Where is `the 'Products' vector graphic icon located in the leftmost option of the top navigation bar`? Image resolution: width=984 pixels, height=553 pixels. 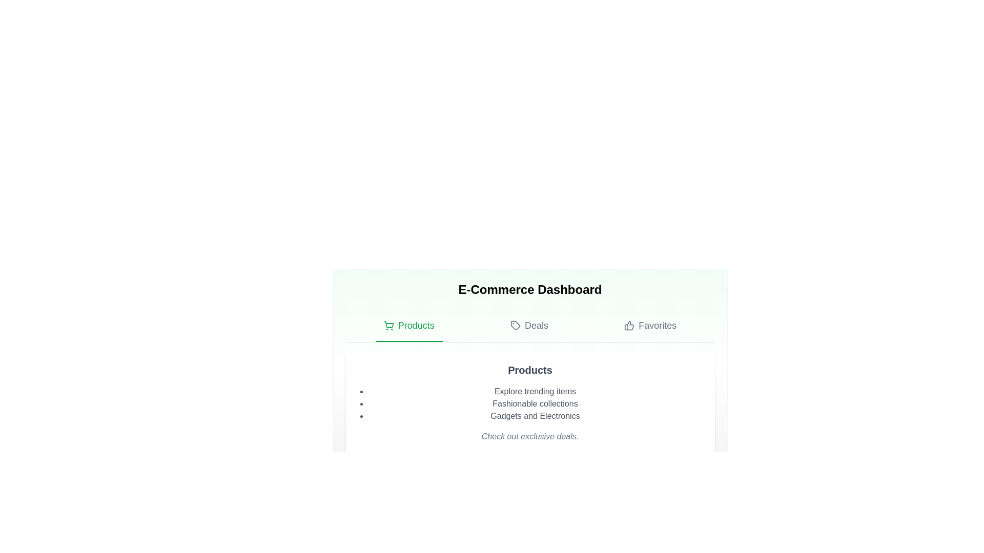
the 'Products' vector graphic icon located in the leftmost option of the top navigation bar is located at coordinates (388, 324).